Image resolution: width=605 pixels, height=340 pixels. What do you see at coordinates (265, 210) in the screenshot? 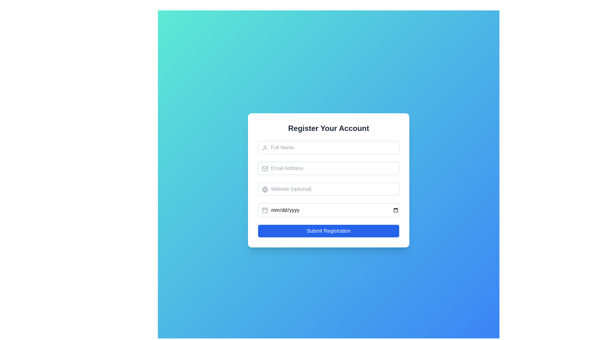
I see `the date picker icon located to the left of the date input field labeled 'mm/dd/yyyy' and interact with it using keyboard navigation` at bounding box center [265, 210].